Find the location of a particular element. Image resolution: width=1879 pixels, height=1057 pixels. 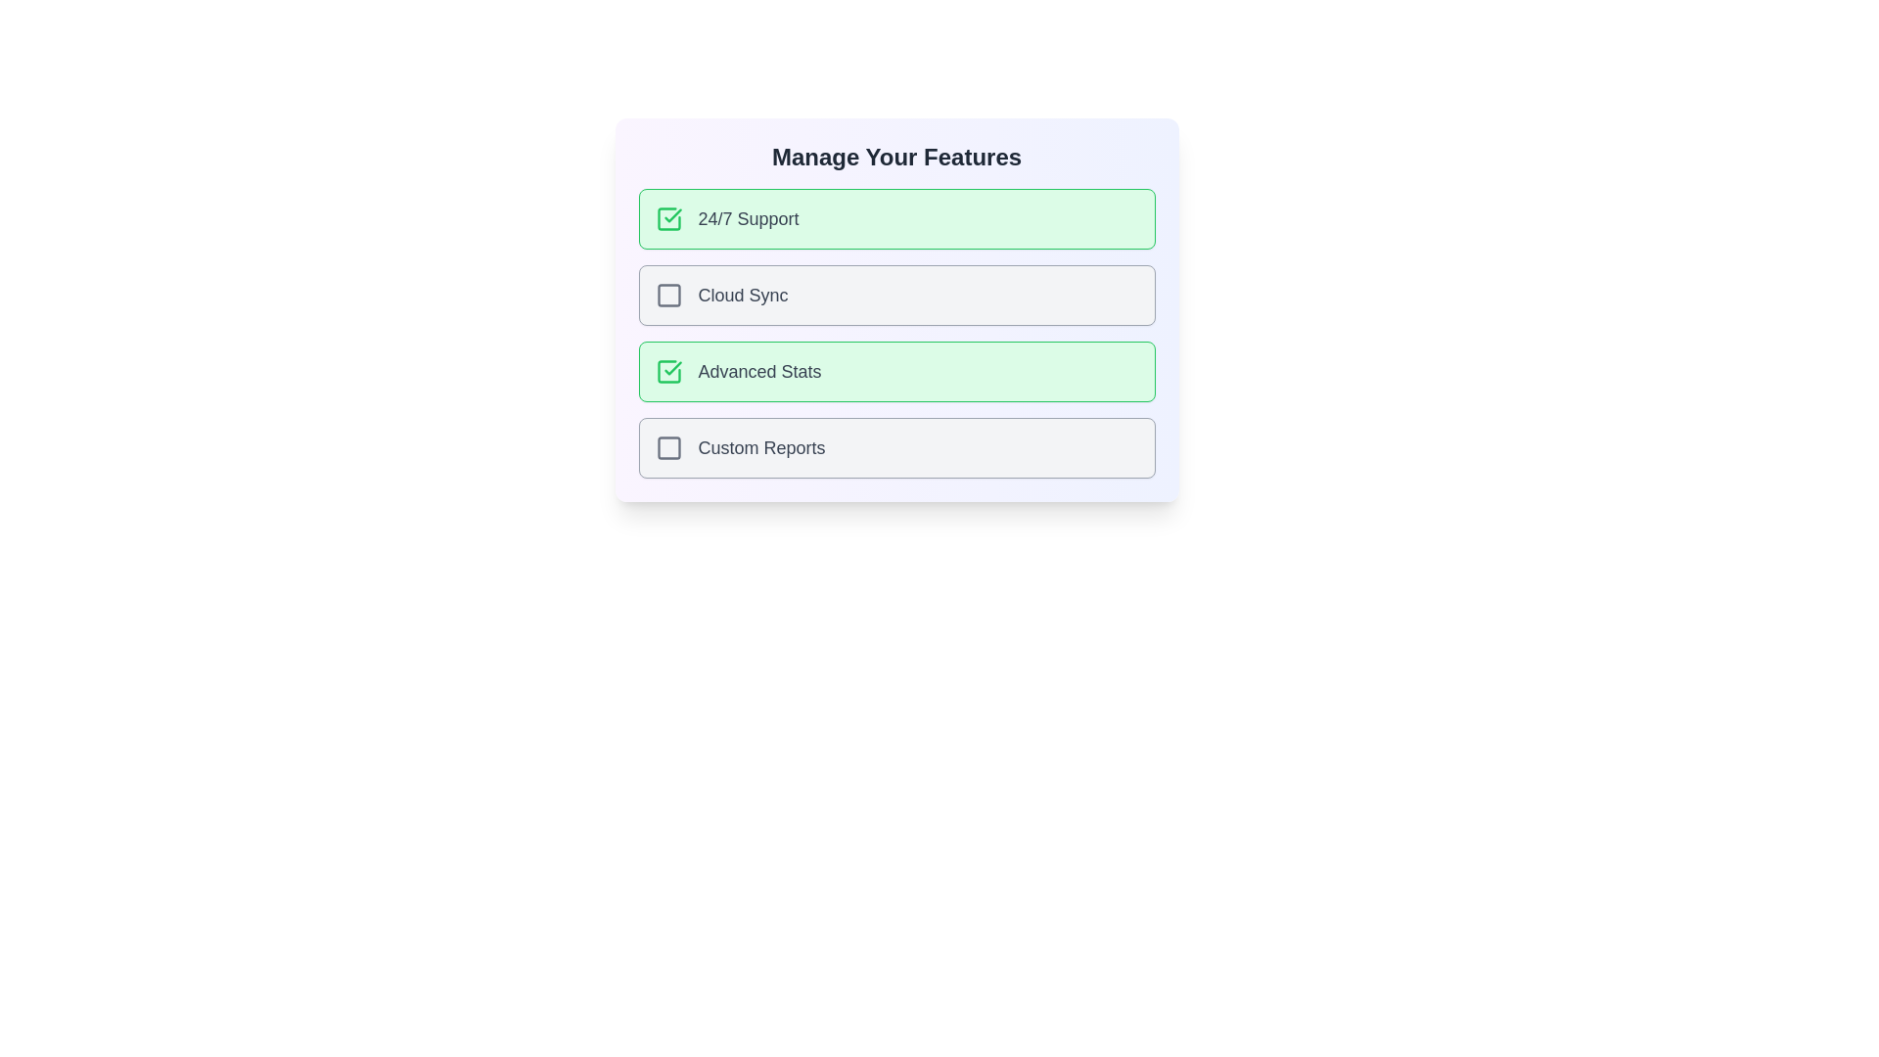

the checkbox element indicating '24/7 Support' is located at coordinates (668, 218).